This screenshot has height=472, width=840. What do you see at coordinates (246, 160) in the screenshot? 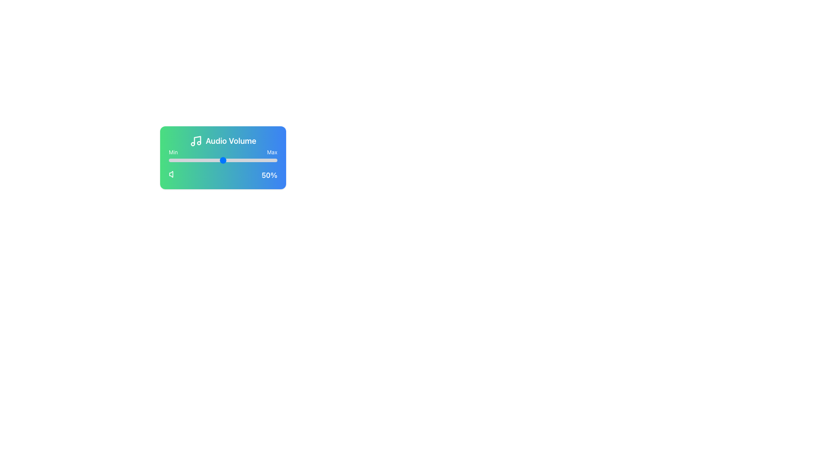
I see `the audio volume slider` at bounding box center [246, 160].